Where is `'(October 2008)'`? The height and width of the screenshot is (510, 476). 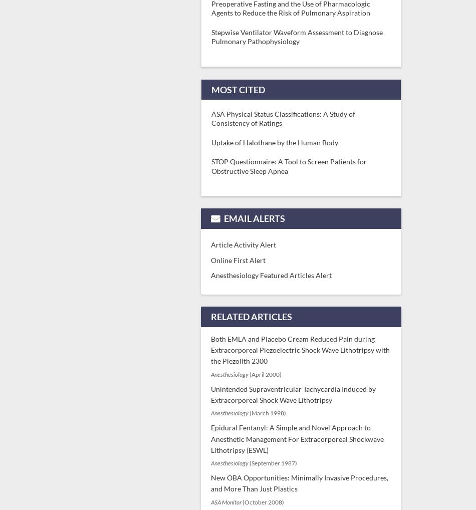 '(October 2008)' is located at coordinates (263, 501).